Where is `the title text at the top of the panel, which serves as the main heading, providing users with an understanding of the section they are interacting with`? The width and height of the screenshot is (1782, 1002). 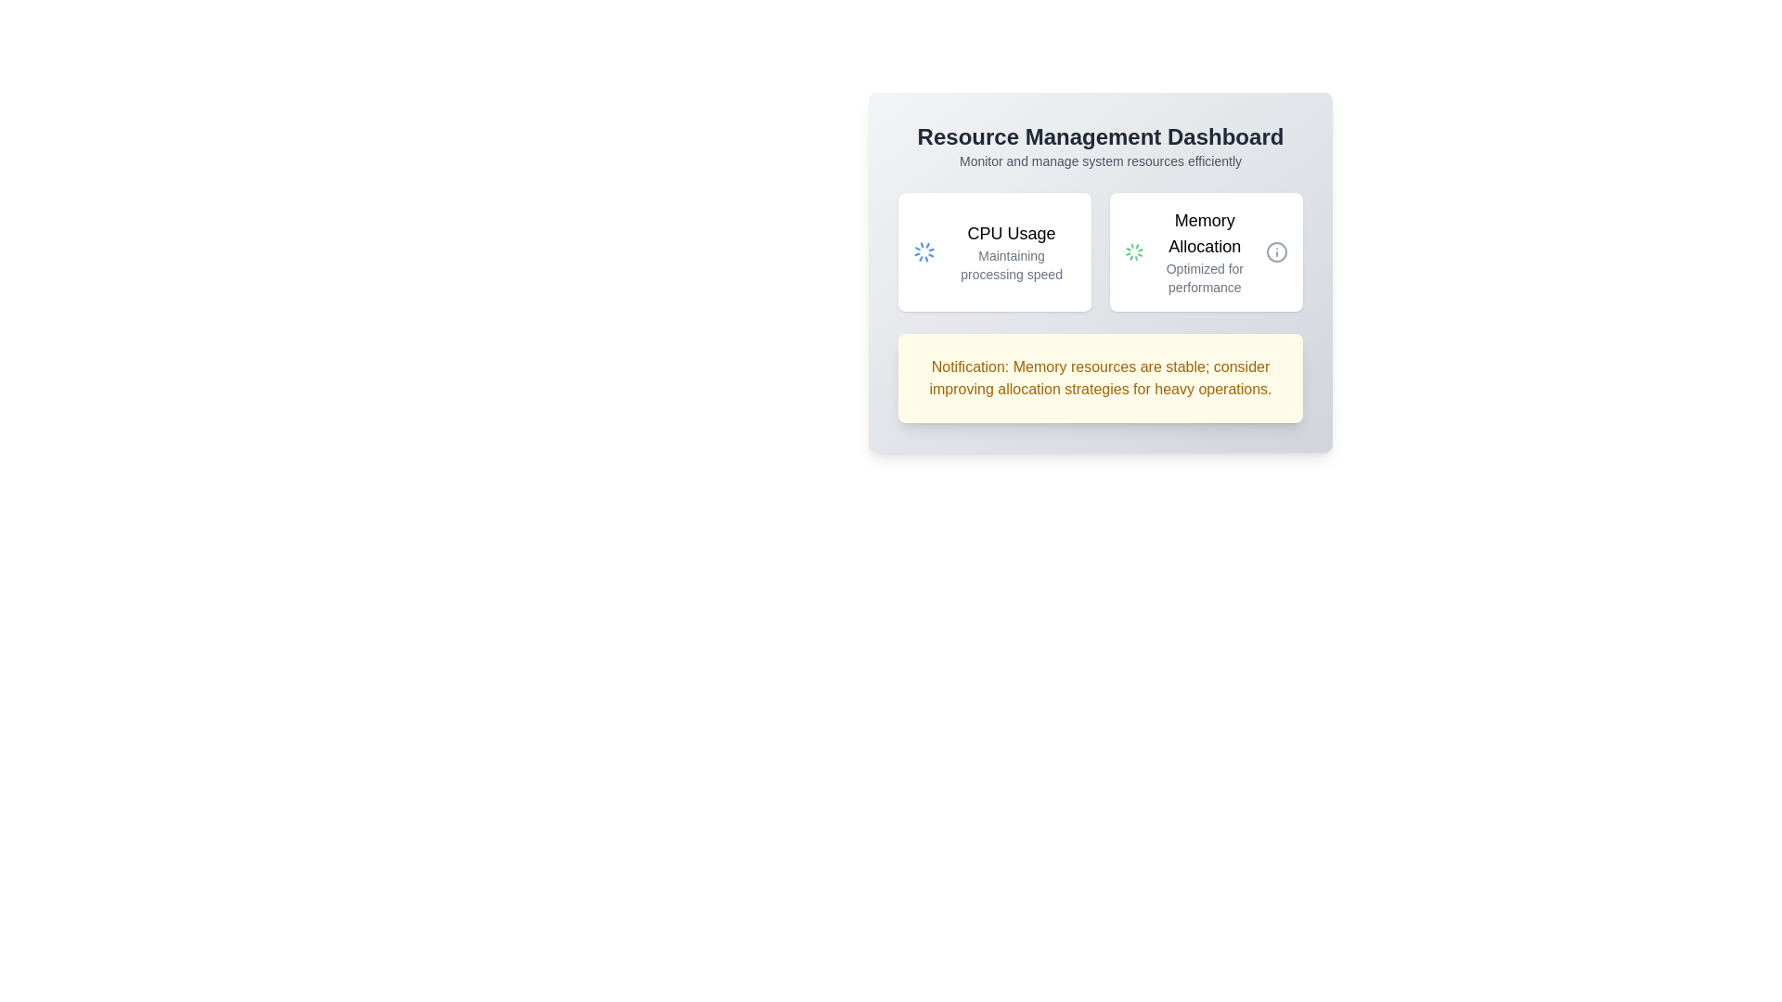
the title text at the top of the panel, which serves as the main heading, providing users with an understanding of the section they are interacting with is located at coordinates (1100, 135).